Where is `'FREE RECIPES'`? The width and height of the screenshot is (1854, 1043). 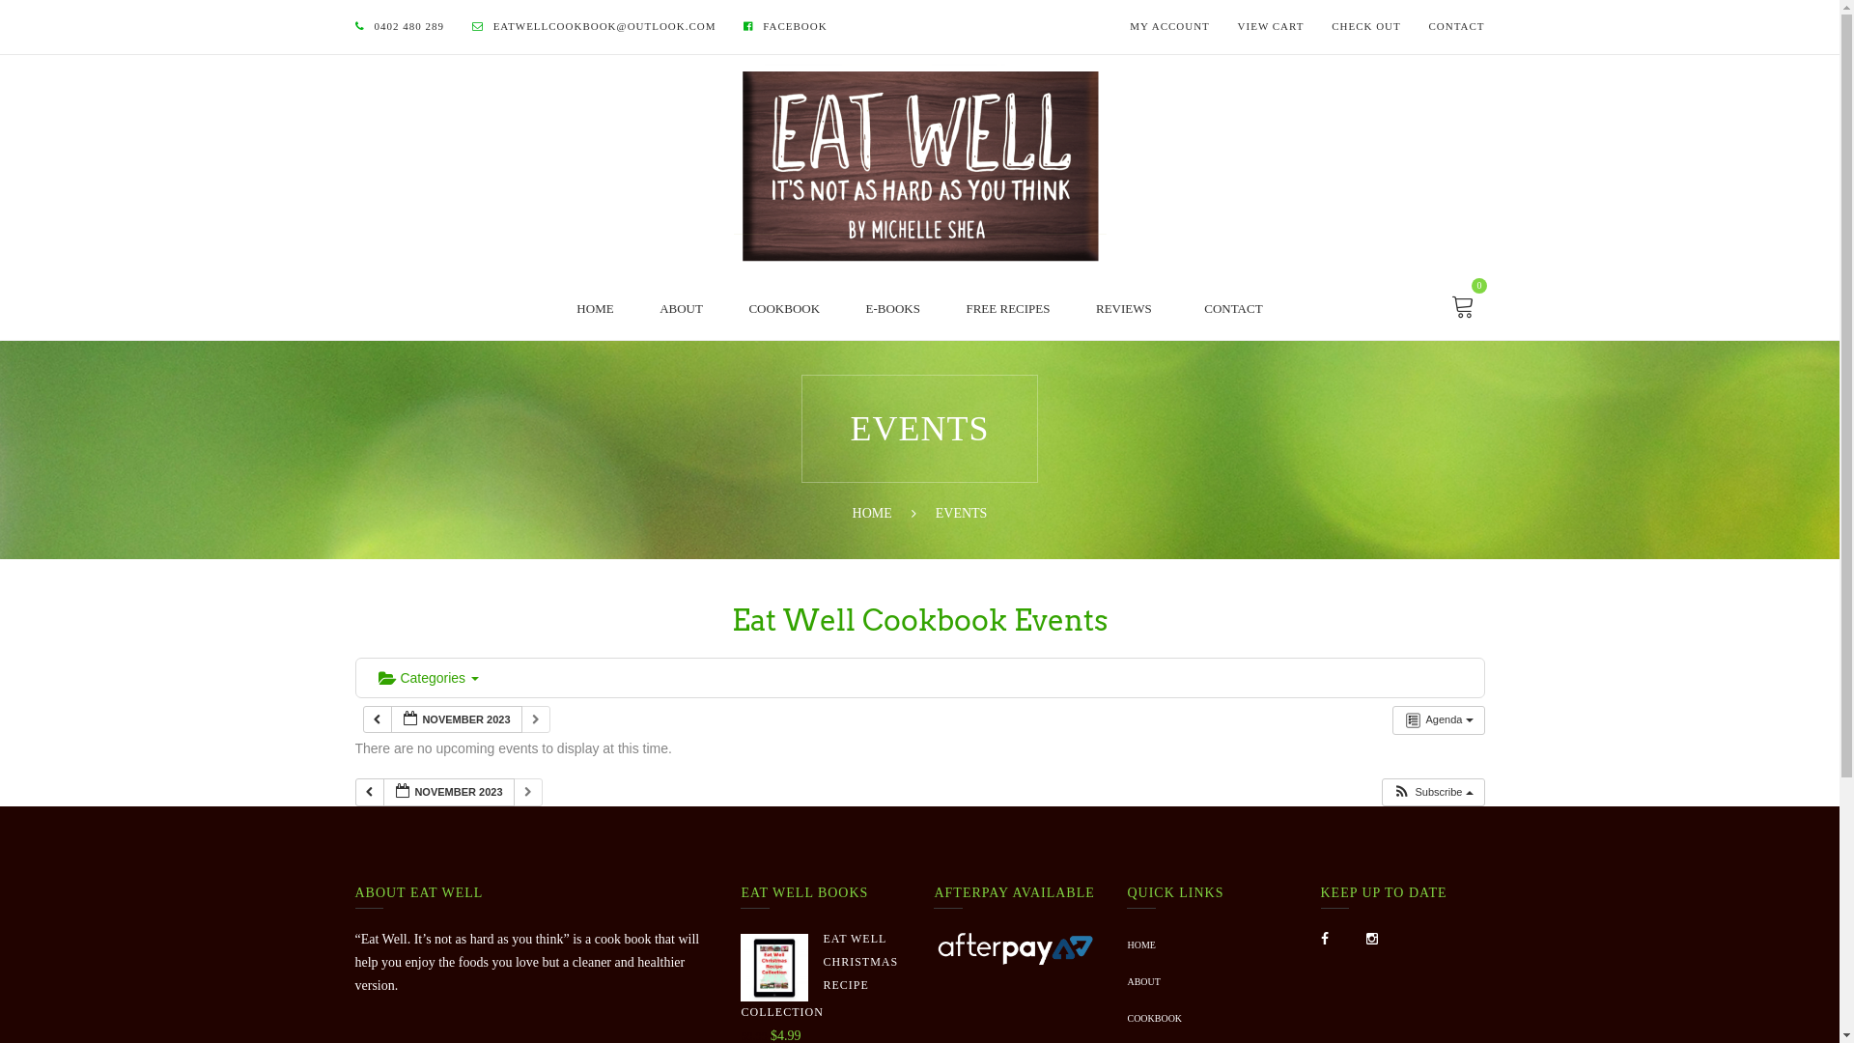 'FREE RECIPES' is located at coordinates (1006, 308).